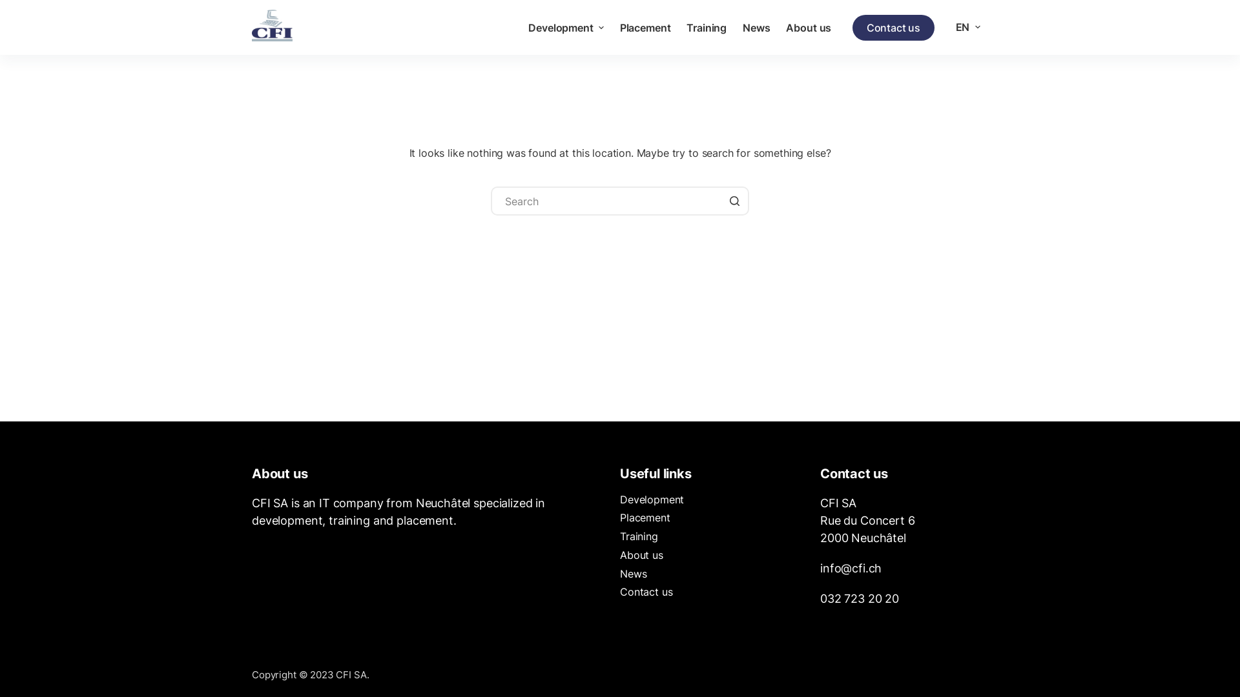 Image resolution: width=1240 pixels, height=697 pixels. I want to click on 'Training', so click(706, 27).